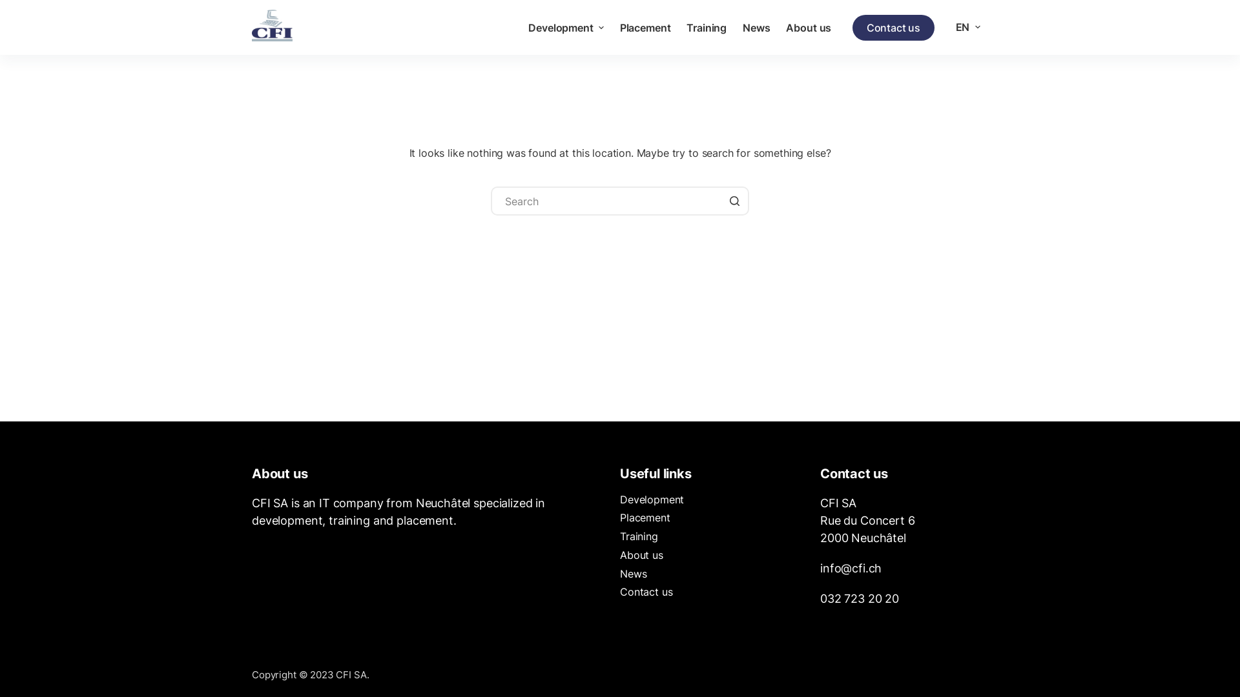 Image resolution: width=1240 pixels, height=697 pixels. I want to click on 'Training', so click(706, 27).